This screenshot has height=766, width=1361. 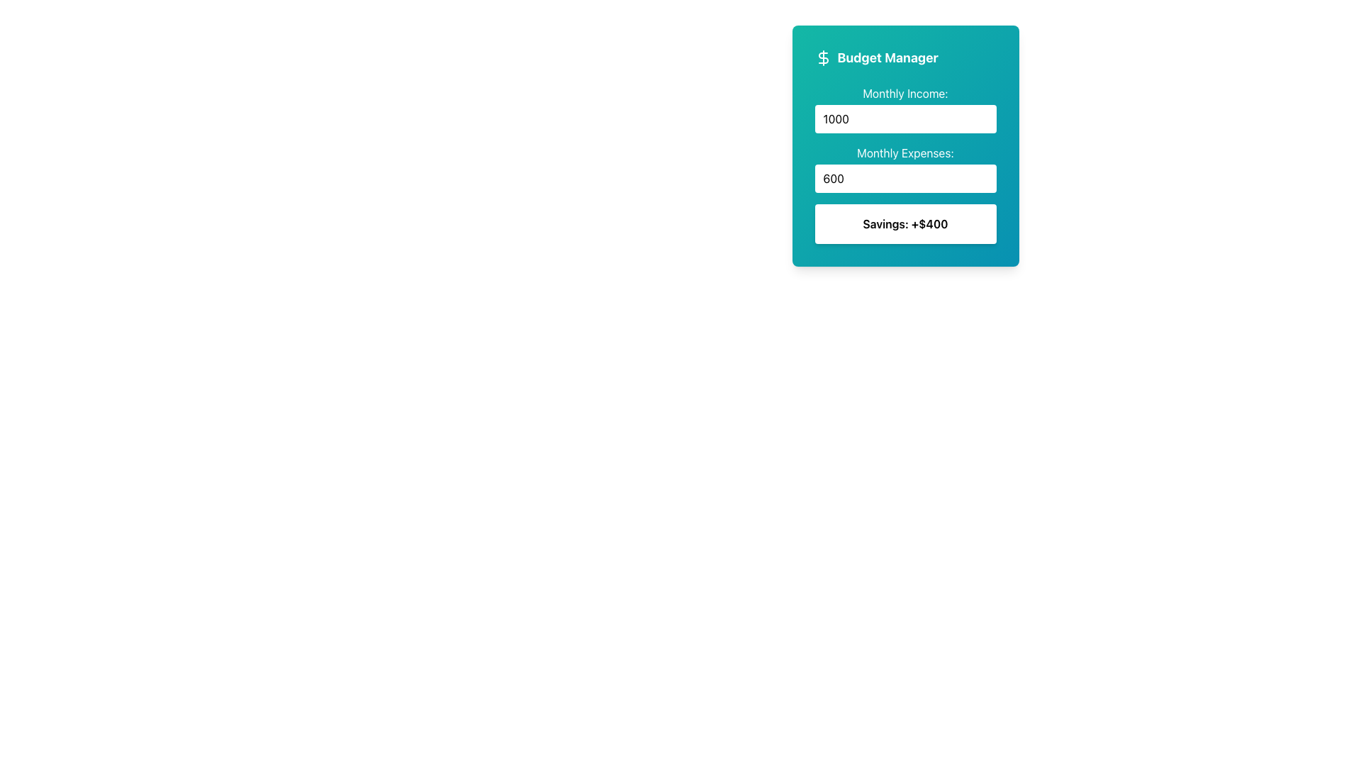 What do you see at coordinates (904, 109) in the screenshot?
I see `the input field labeled 'Monthly Income:'` at bounding box center [904, 109].